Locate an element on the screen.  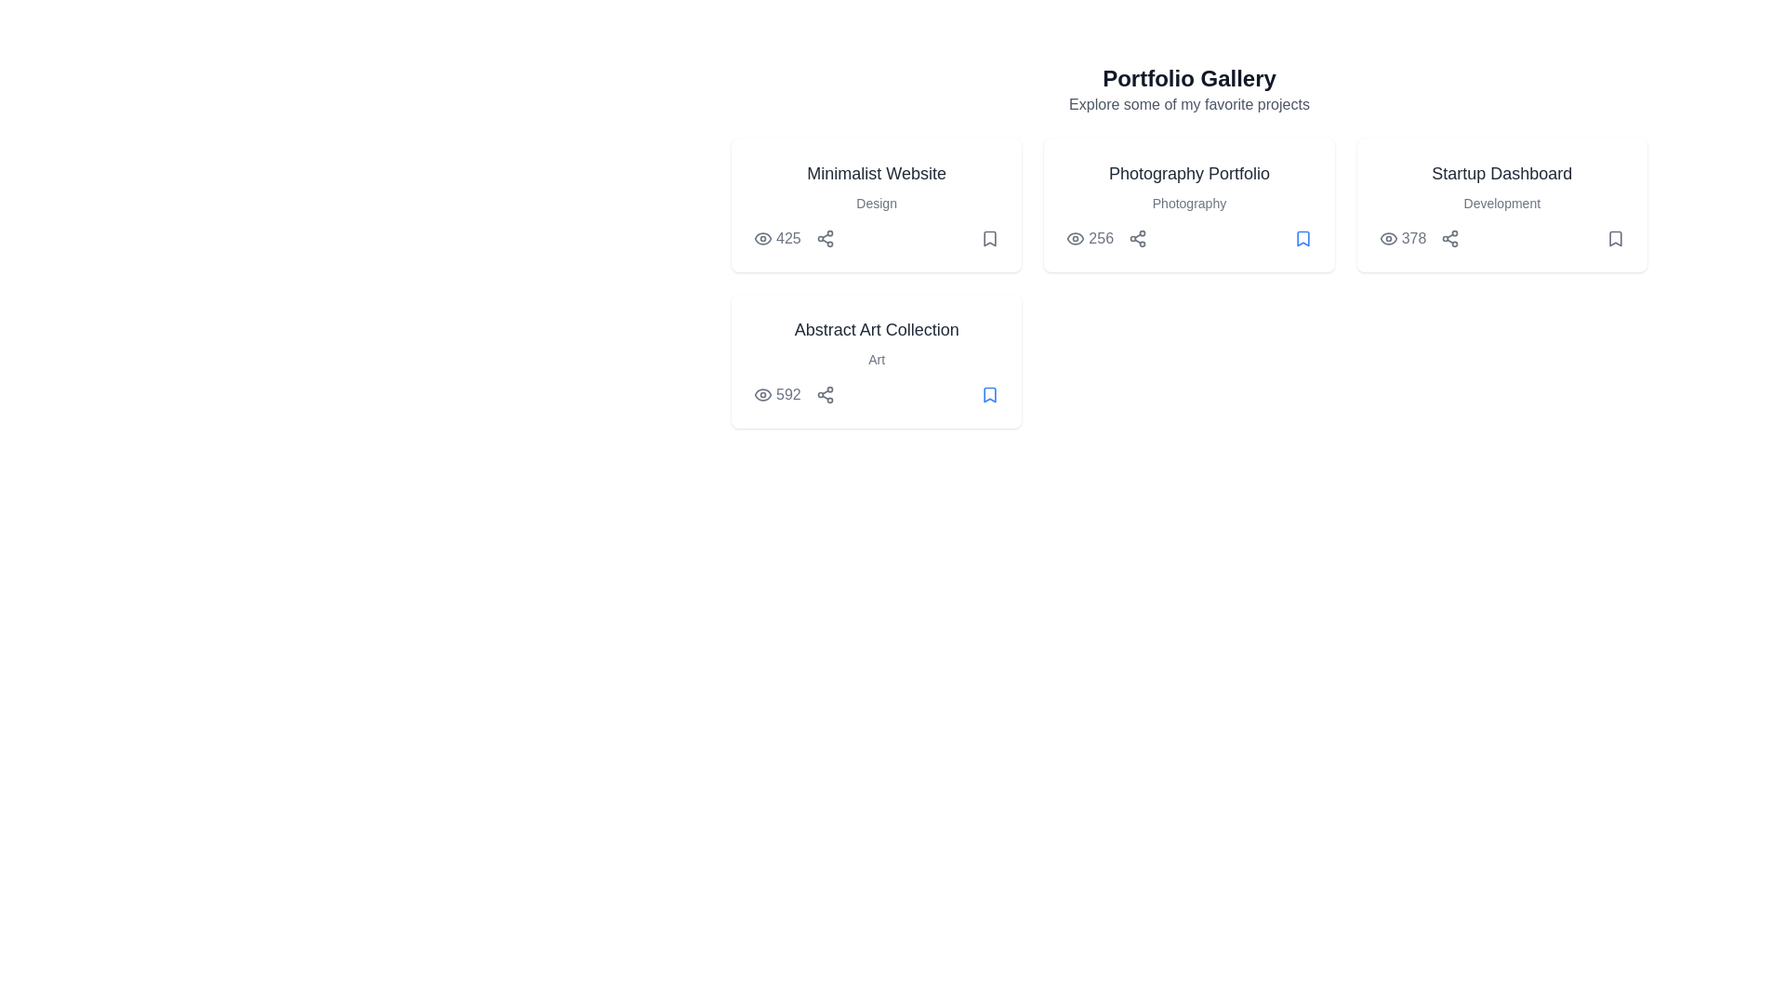
the gray stroke bookmark icon located in the bottom-right corner of the first card titled 'Minimalist Website' in the portfolio gallery is located at coordinates (989, 238).